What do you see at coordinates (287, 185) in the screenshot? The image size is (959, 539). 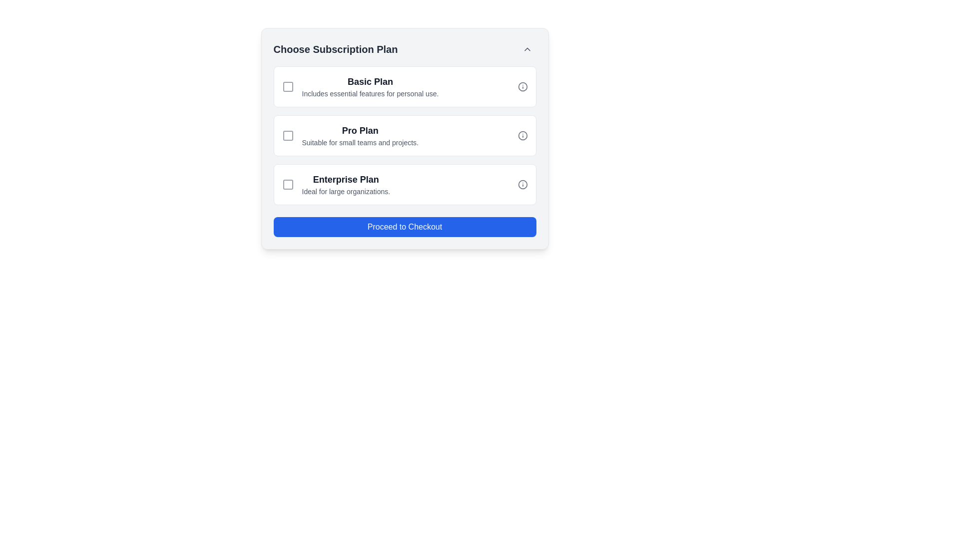 I see `the checkbox labeled 'Enterprise Plan'` at bounding box center [287, 185].